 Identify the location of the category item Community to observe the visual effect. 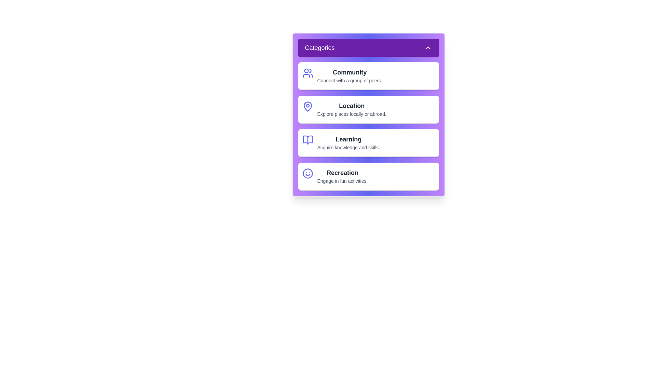
(368, 76).